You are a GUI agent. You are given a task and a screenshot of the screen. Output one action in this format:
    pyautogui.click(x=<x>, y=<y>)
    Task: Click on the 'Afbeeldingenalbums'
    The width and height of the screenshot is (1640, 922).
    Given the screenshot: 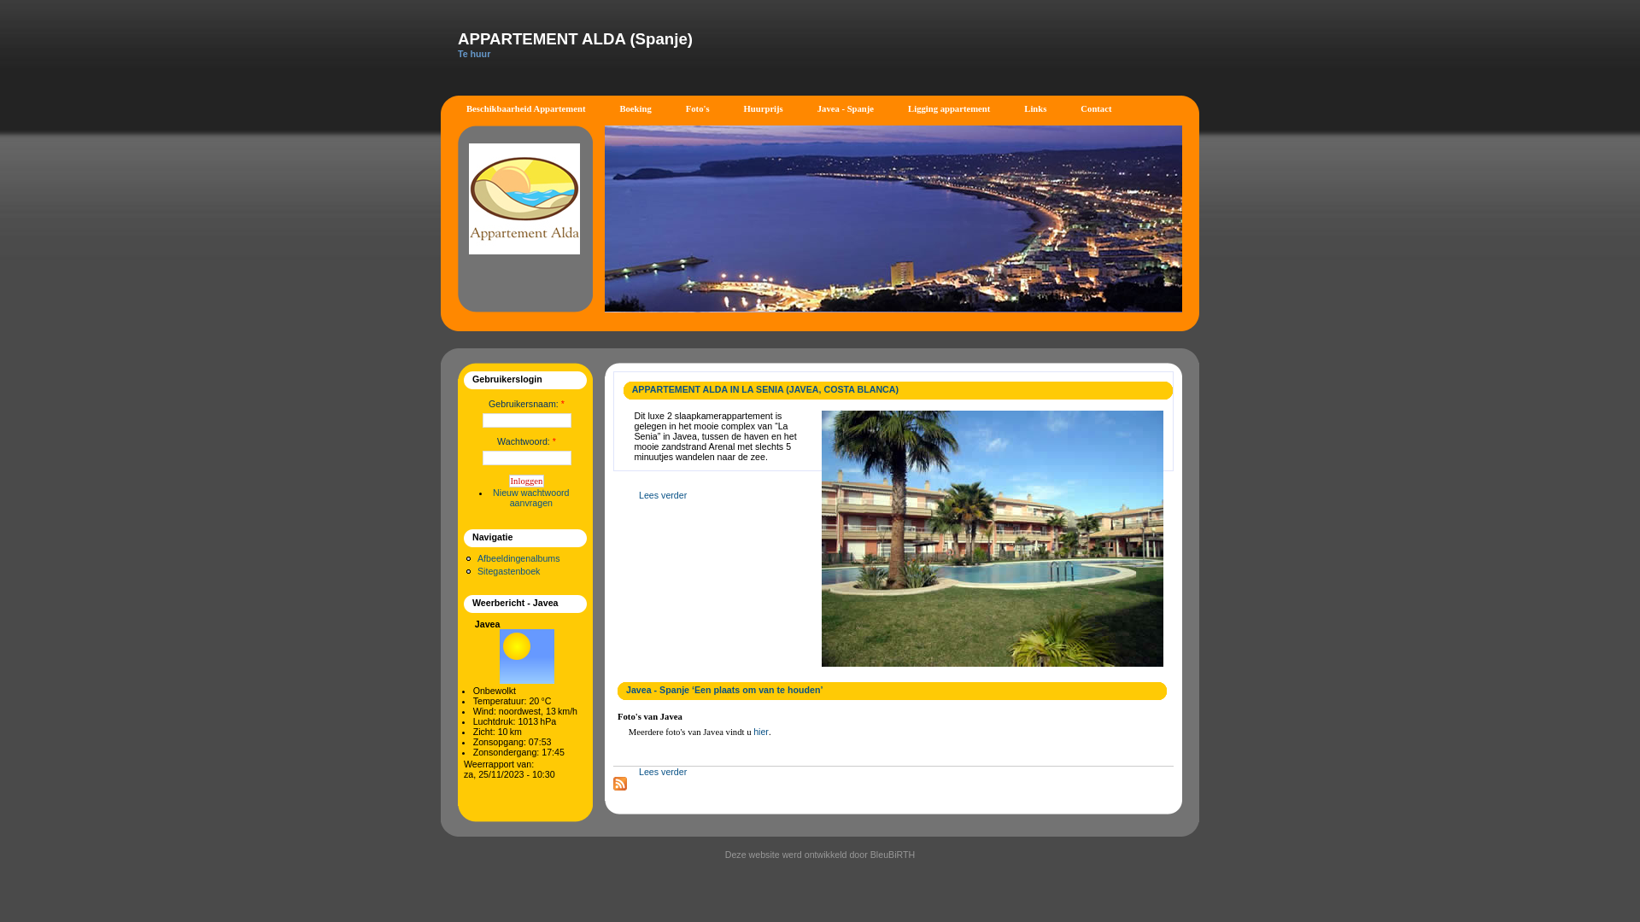 What is the action you would take?
    pyautogui.click(x=477, y=558)
    